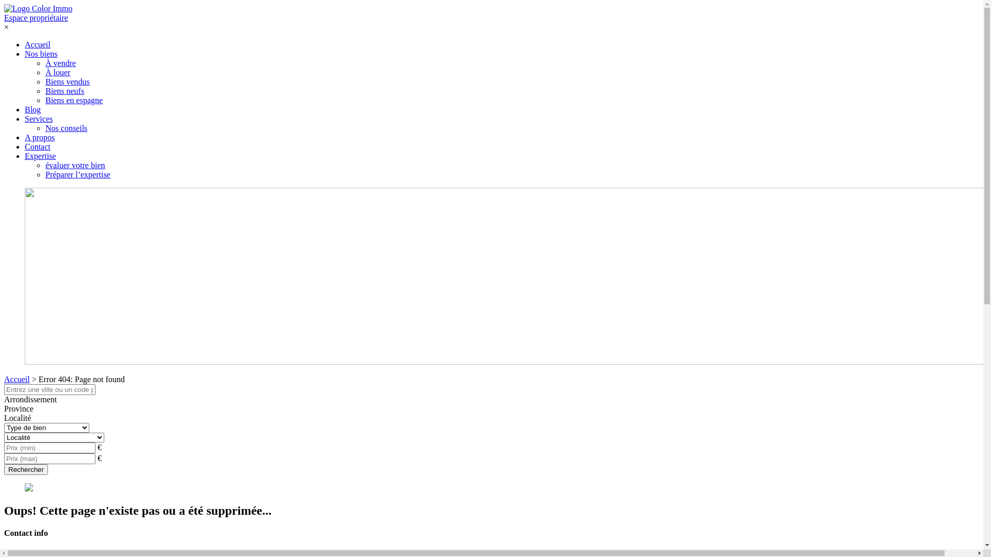 Image resolution: width=991 pixels, height=557 pixels. Describe the element at coordinates (4, 469) in the screenshot. I see `'Rechercher'` at that location.